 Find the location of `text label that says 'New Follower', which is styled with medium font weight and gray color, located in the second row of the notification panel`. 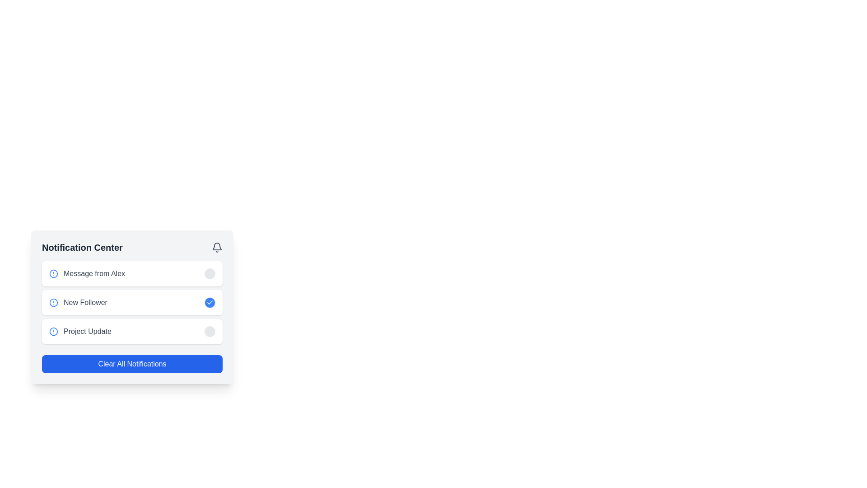

text label that says 'New Follower', which is styled with medium font weight and gray color, located in the second row of the notification panel is located at coordinates (85, 303).